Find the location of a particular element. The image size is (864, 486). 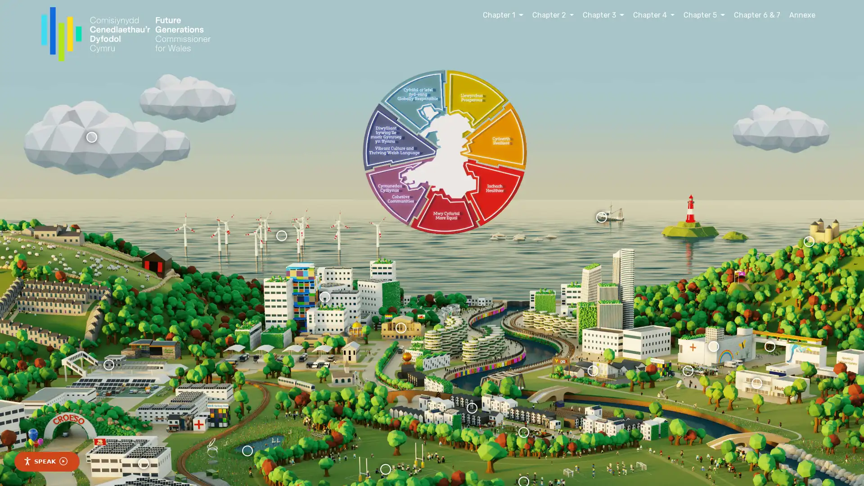

Listen with the ReachDeck Toolbar is located at coordinates (46, 462).